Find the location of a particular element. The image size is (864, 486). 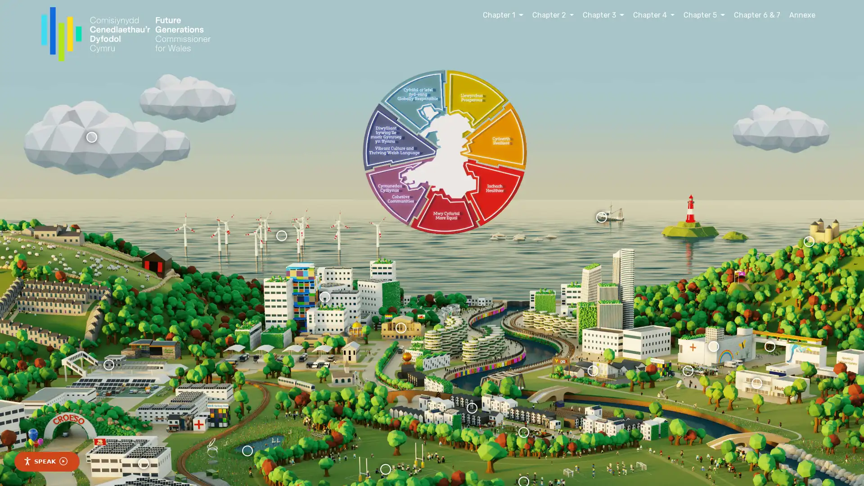

Listen with the ReachDeck Toolbar is located at coordinates (46, 462).